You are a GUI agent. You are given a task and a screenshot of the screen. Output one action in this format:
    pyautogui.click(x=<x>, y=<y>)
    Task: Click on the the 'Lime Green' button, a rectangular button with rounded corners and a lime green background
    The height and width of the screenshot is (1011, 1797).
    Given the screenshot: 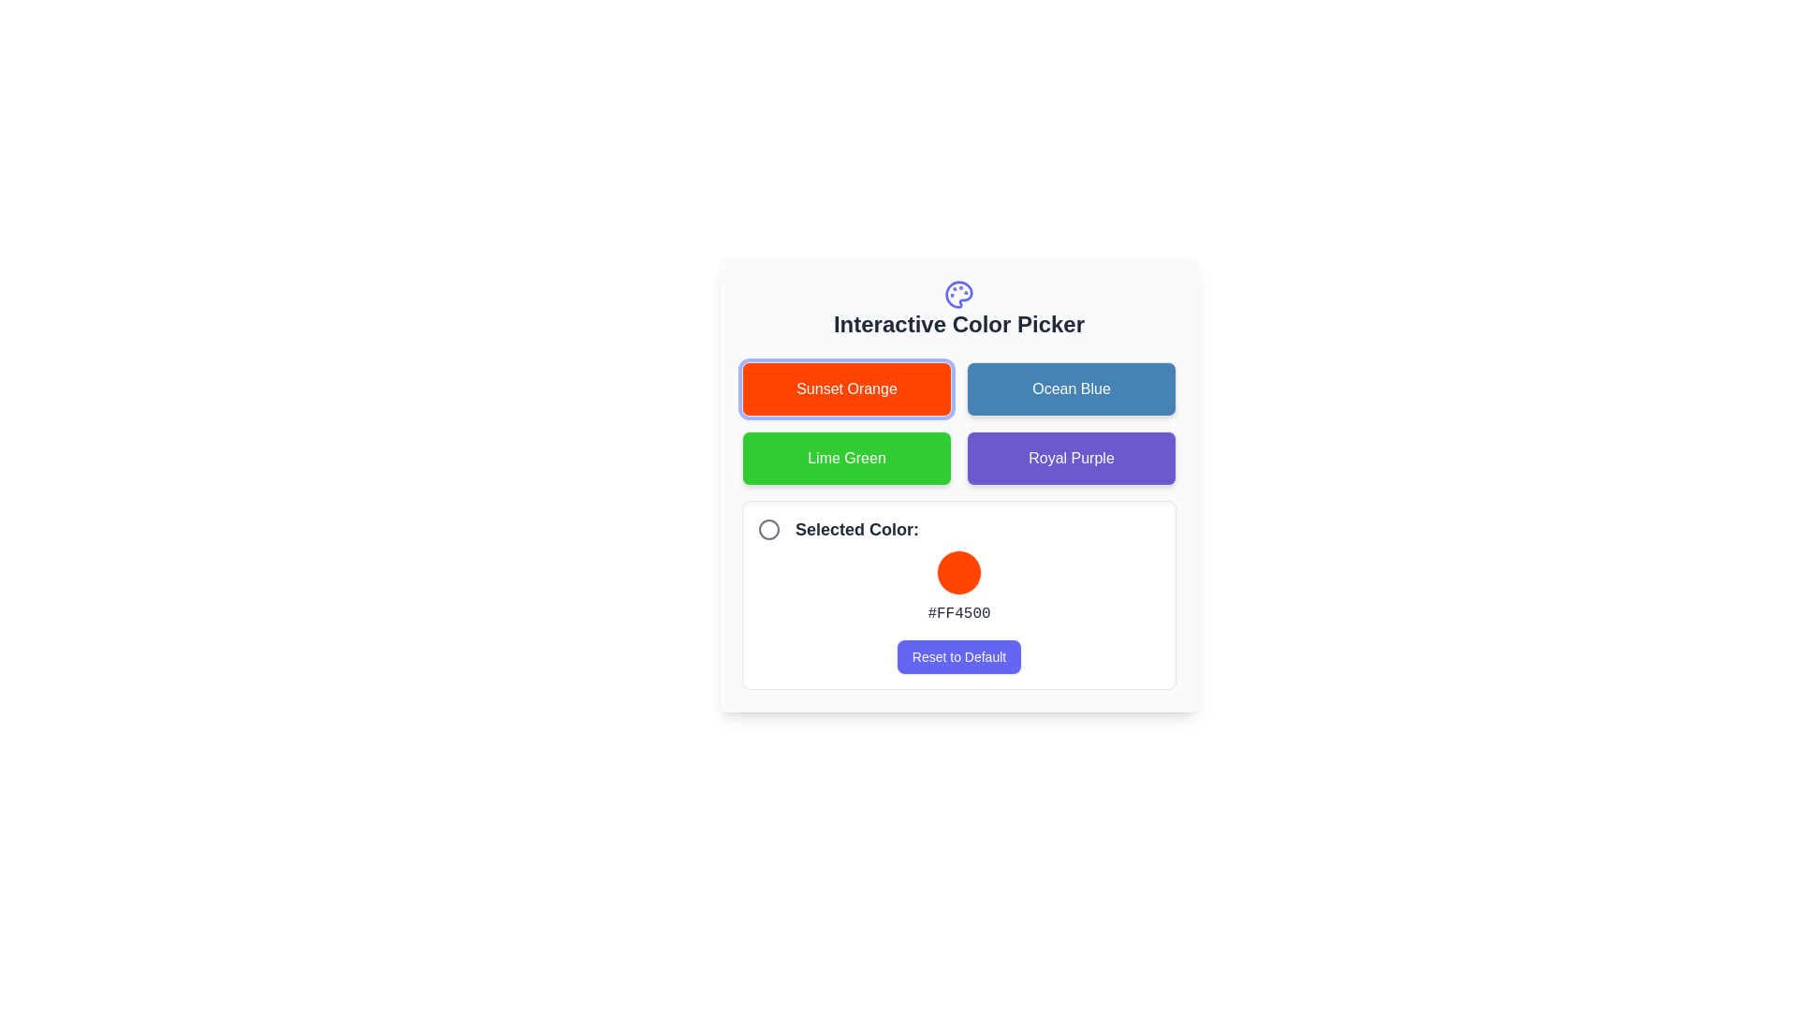 What is the action you would take?
    pyautogui.click(x=846, y=458)
    